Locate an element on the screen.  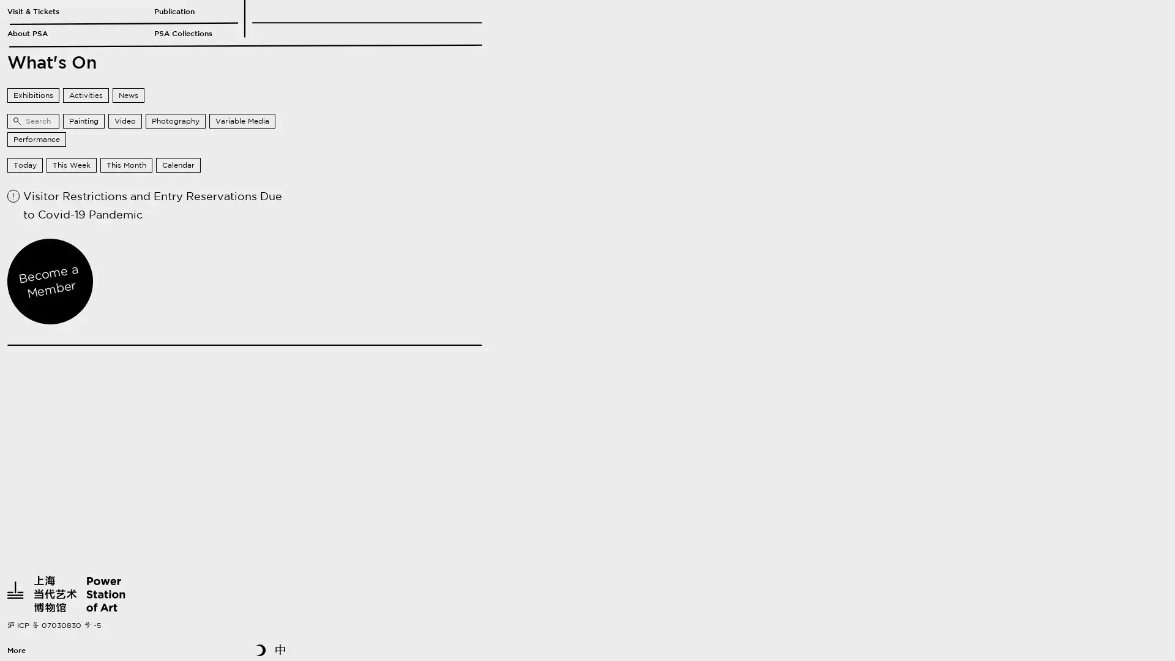
Today is located at coordinates (25, 165).